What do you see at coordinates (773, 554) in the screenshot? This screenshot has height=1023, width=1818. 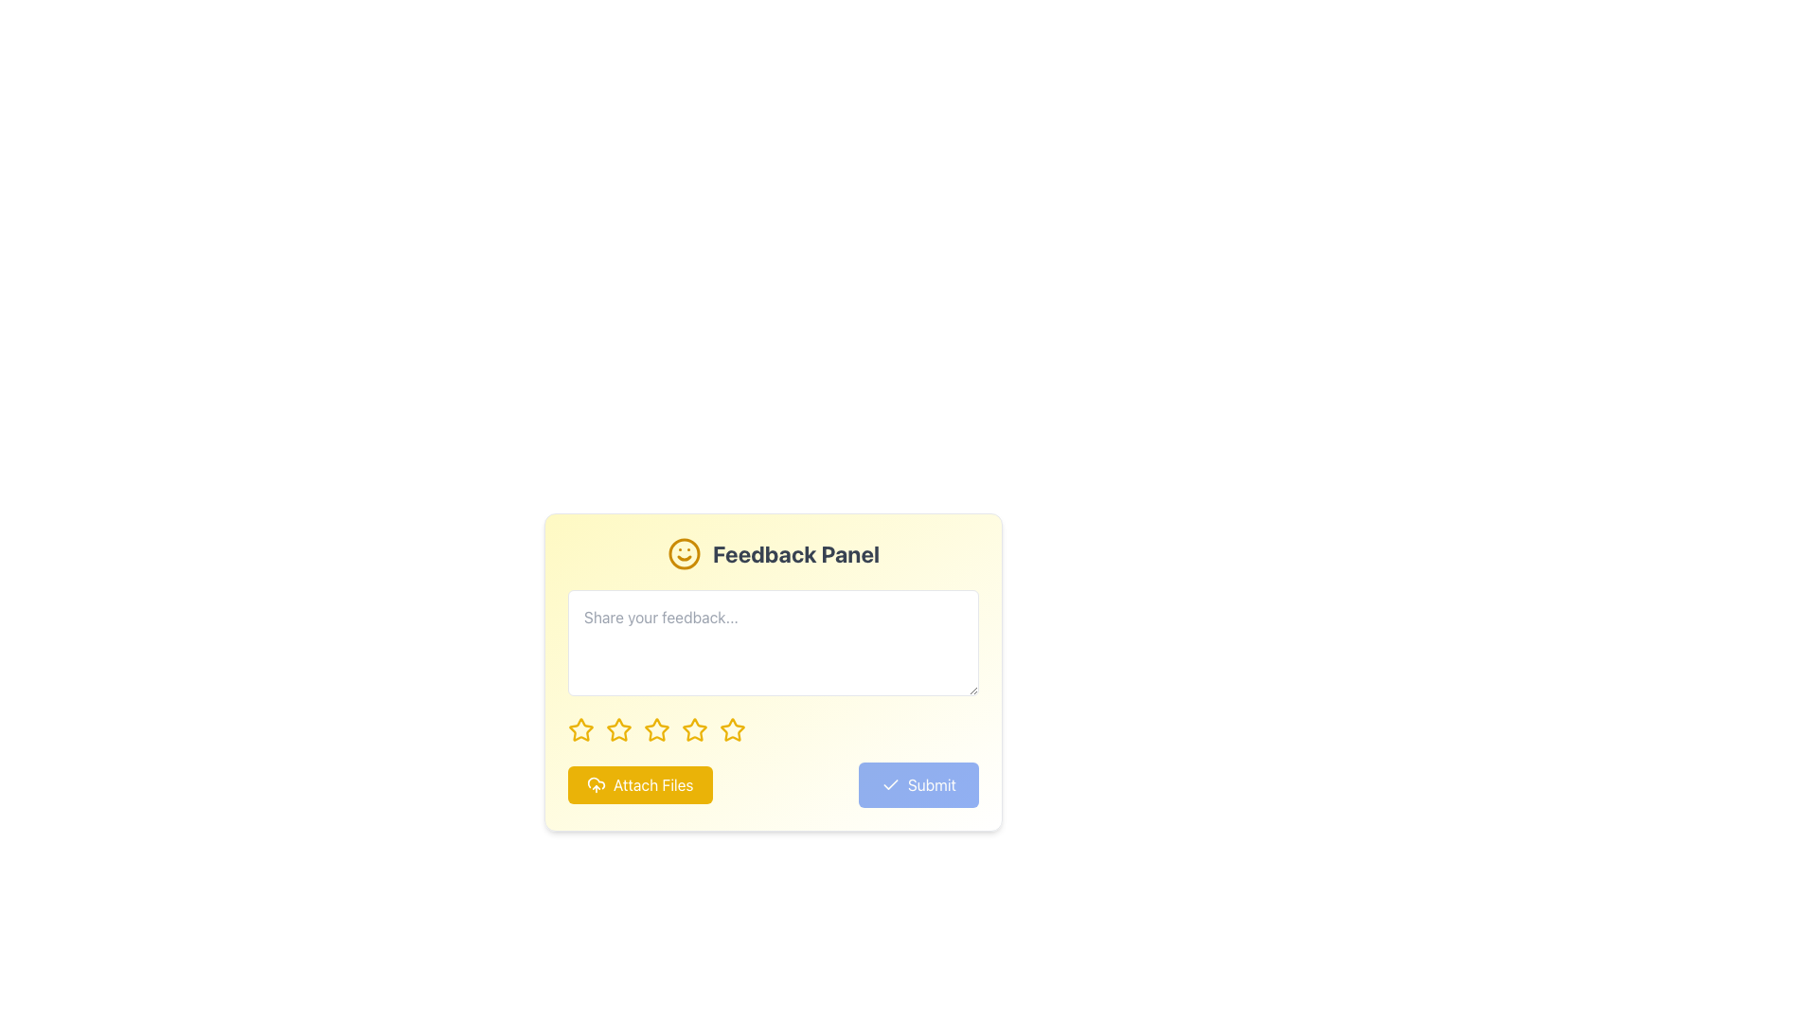 I see `the Text Label with Icon that features a smiley face and the bold text 'Feedback Panel', located at the top of the 'Feedback Panel' interface` at bounding box center [773, 554].